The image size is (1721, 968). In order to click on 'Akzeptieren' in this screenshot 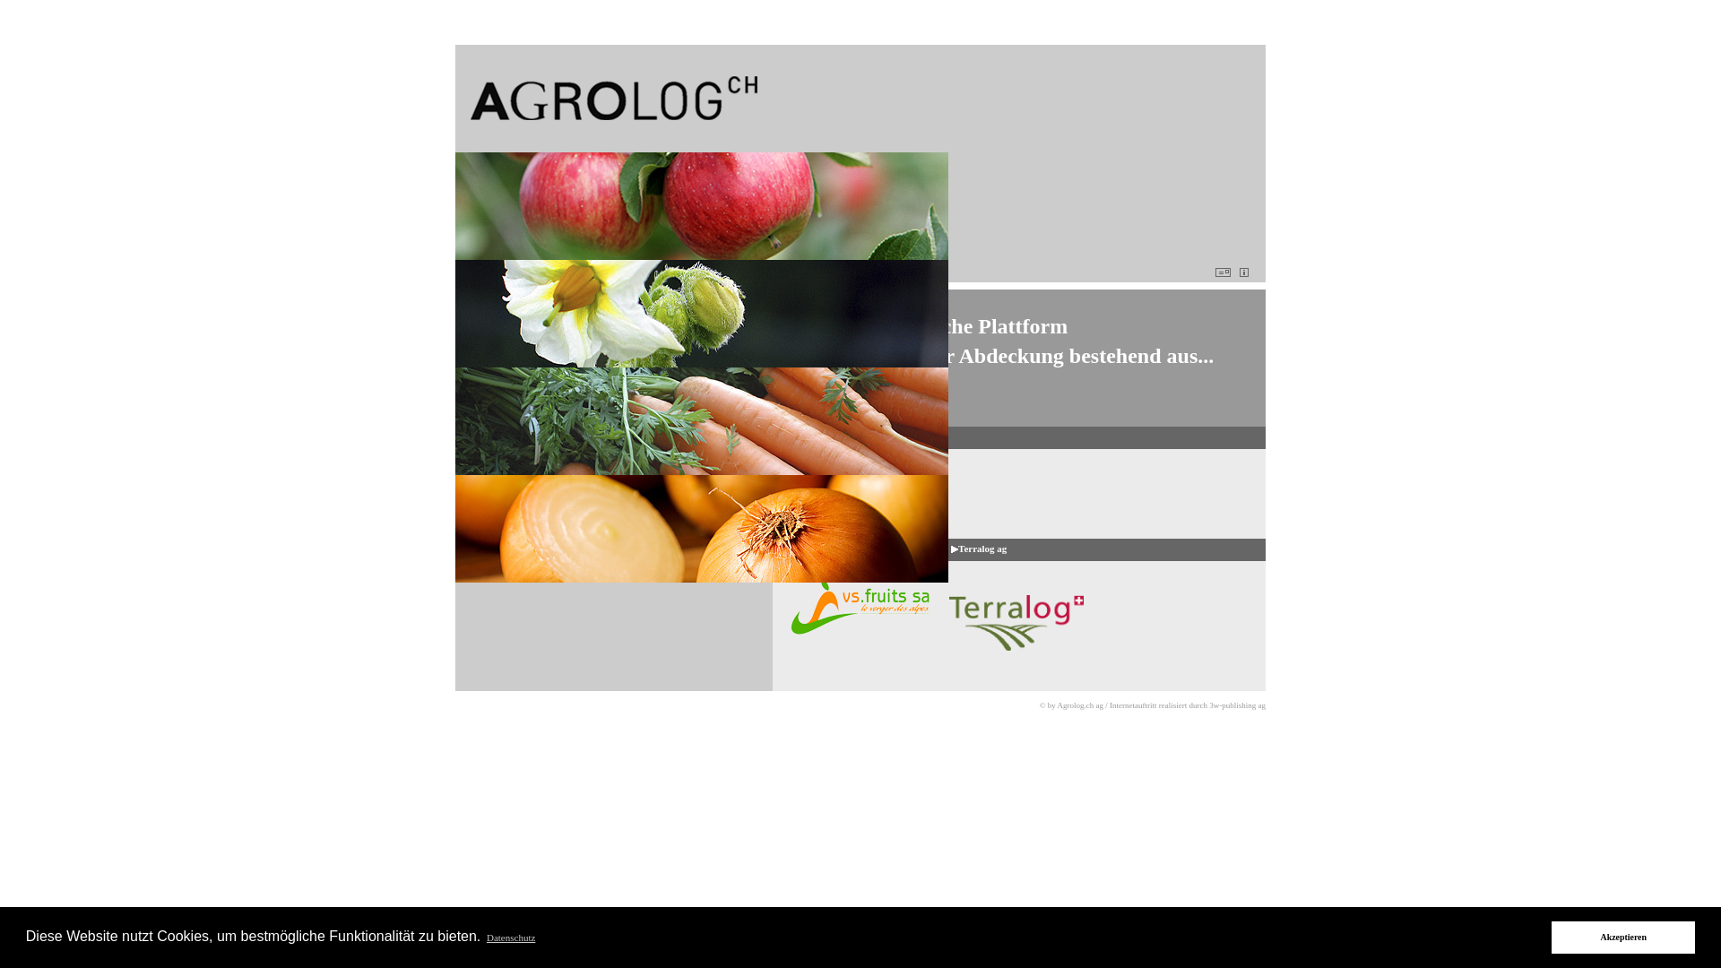, I will do `click(1622, 936)`.